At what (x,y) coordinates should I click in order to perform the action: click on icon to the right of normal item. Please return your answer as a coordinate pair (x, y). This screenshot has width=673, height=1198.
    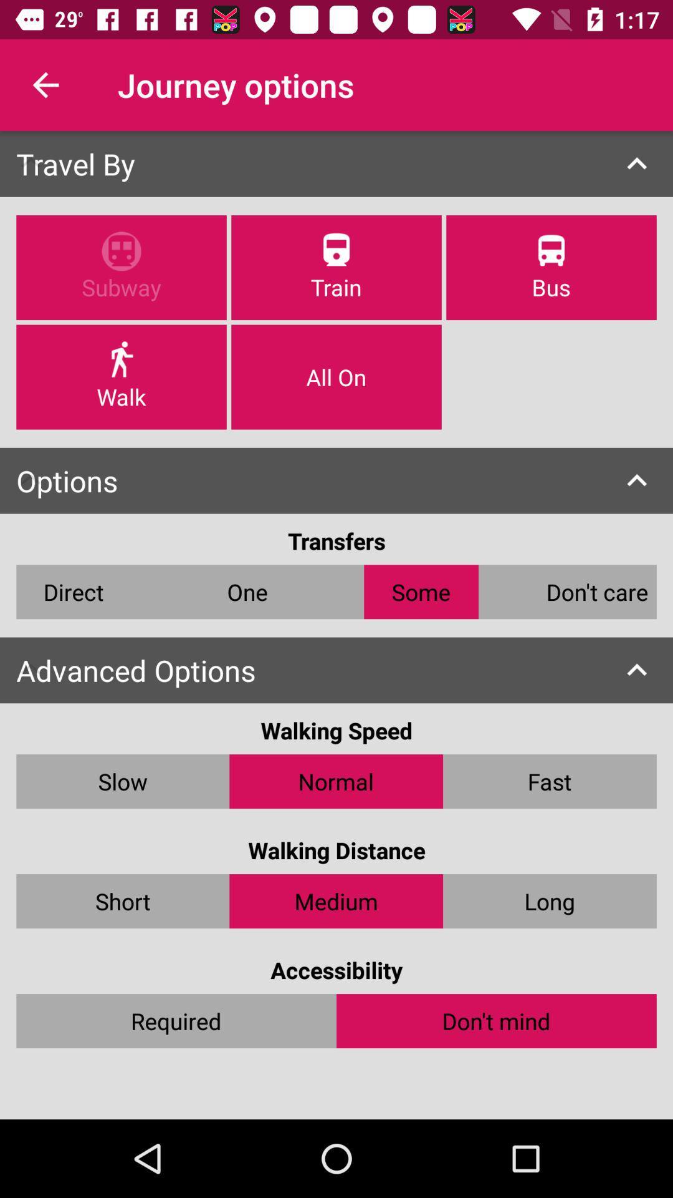
    Looking at the image, I should click on (549, 781).